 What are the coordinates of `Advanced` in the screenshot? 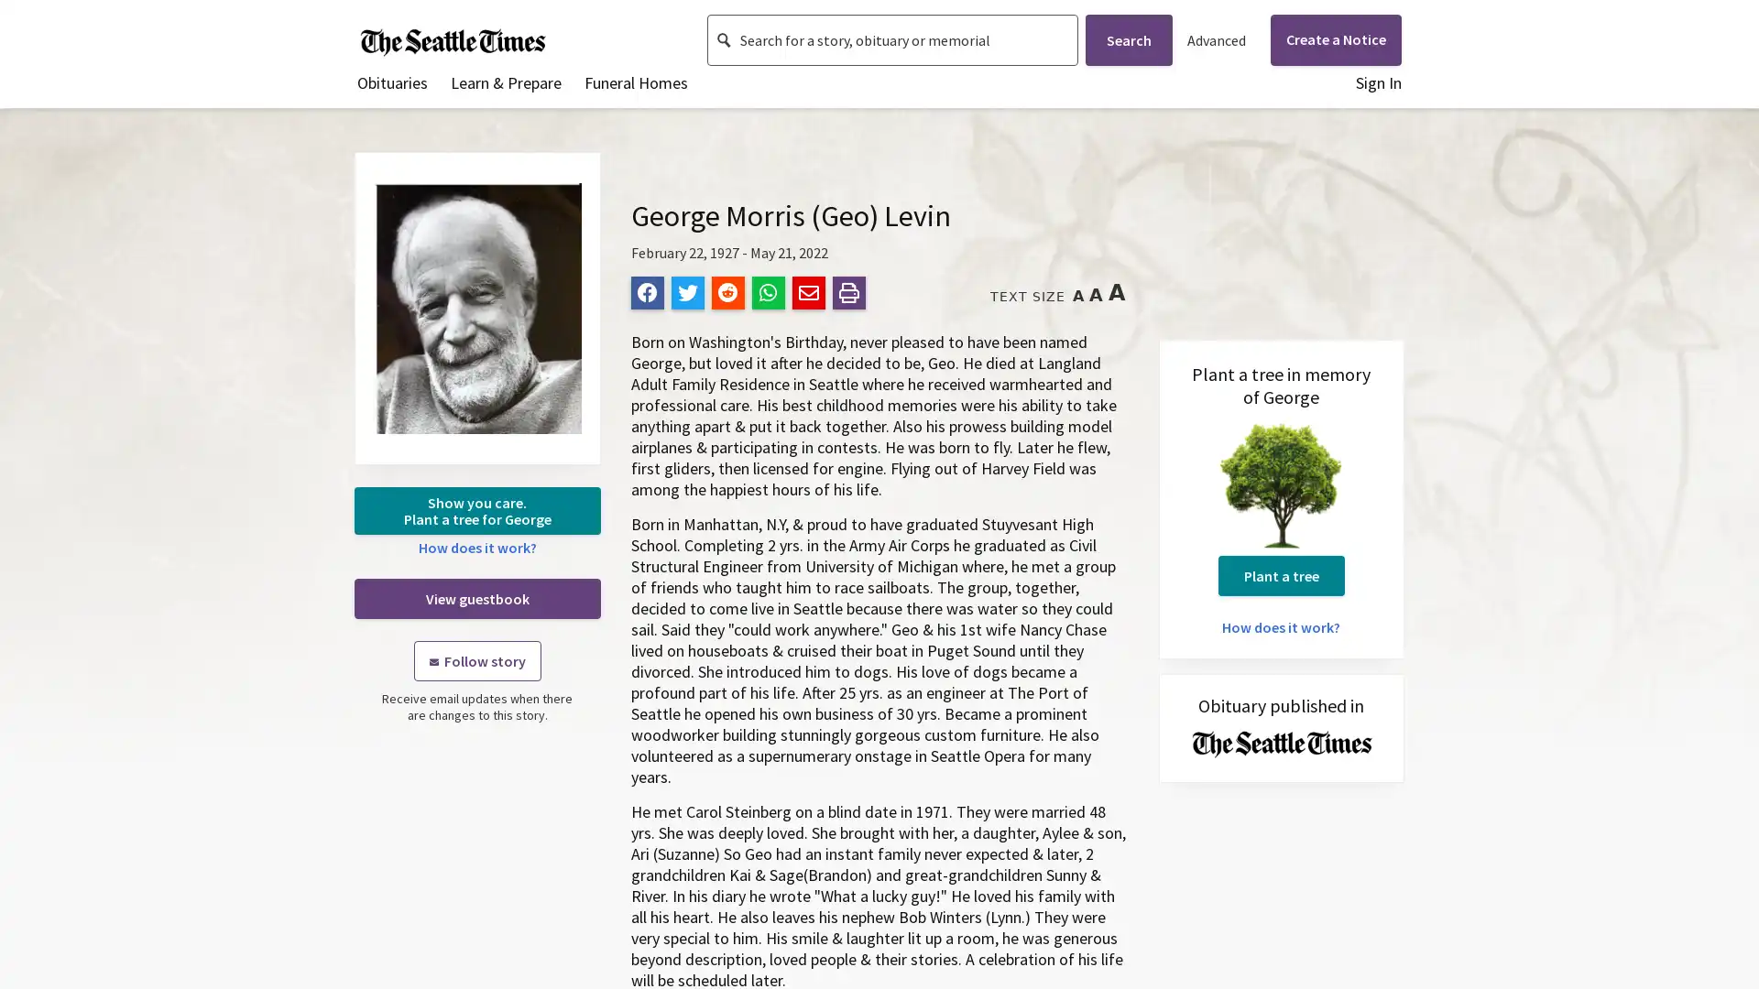 It's located at (1215, 39).